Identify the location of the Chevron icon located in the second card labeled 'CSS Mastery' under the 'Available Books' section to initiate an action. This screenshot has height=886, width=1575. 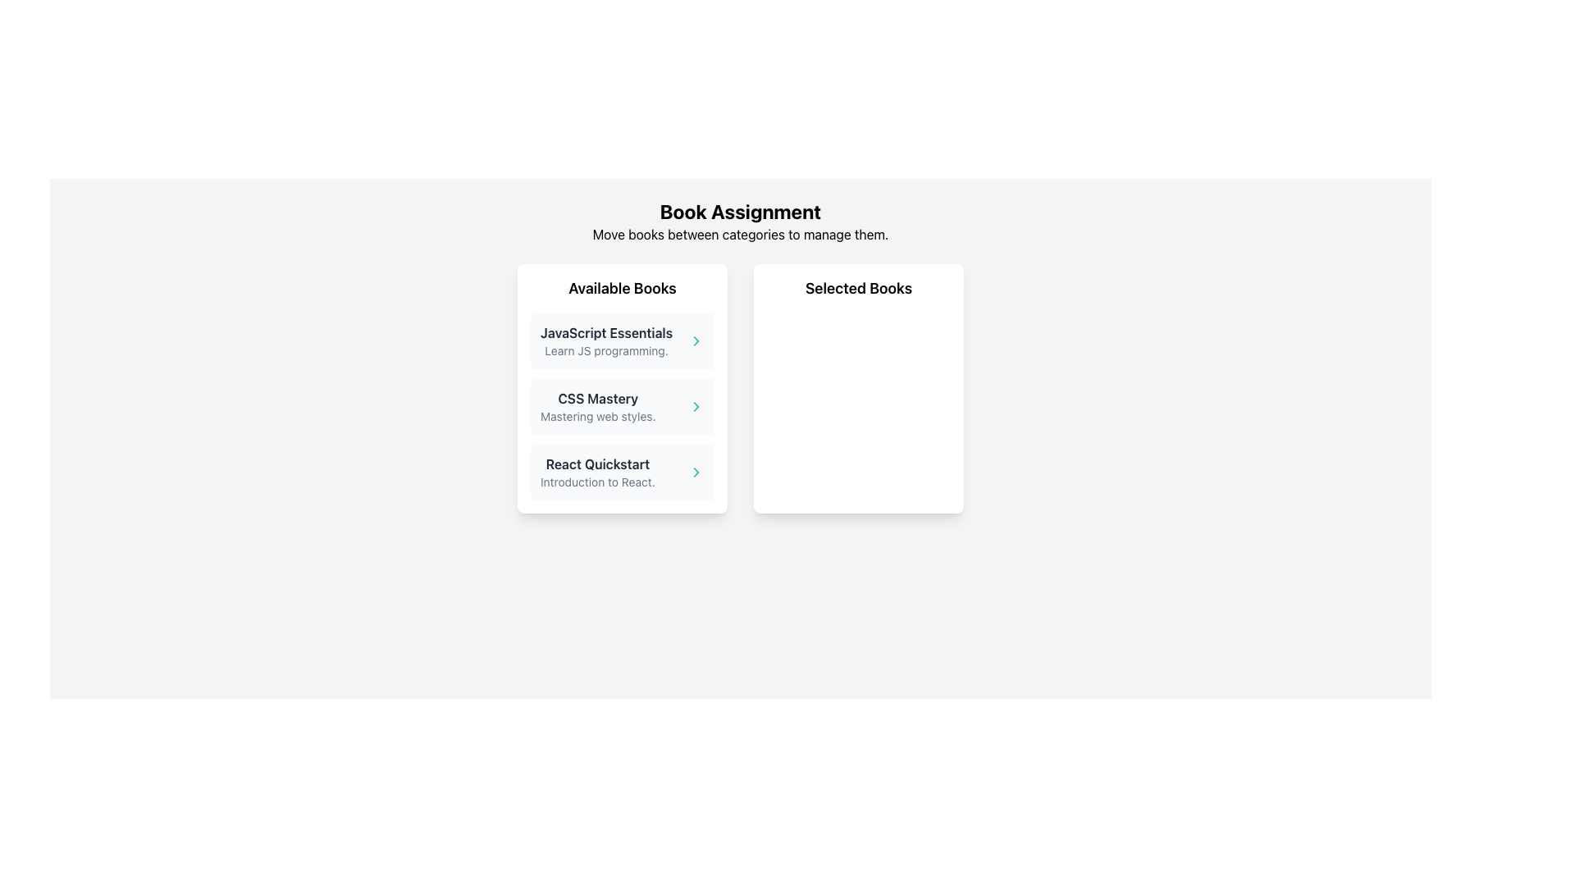
(696, 406).